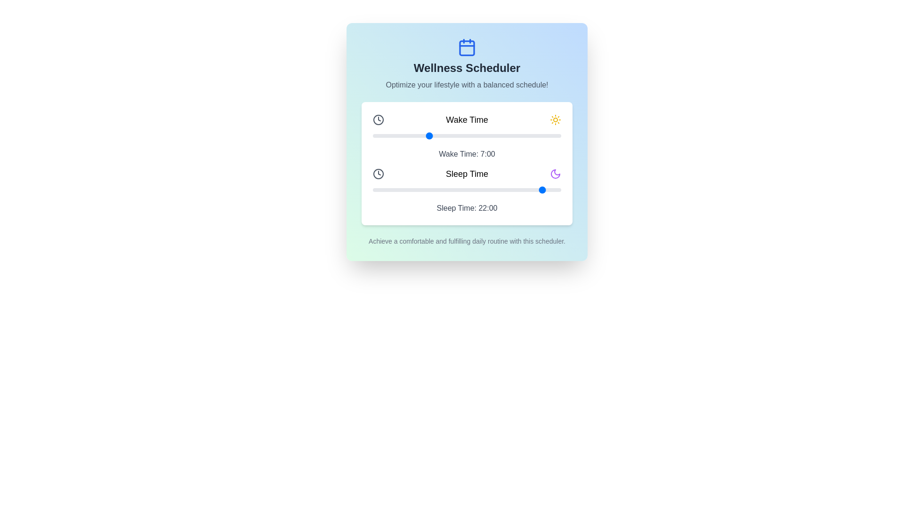 The height and width of the screenshot is (508, 904). What do you see at coordinates (506, 136) in the screenshot?
I see `the wake time` at bounding box center [506, 136].